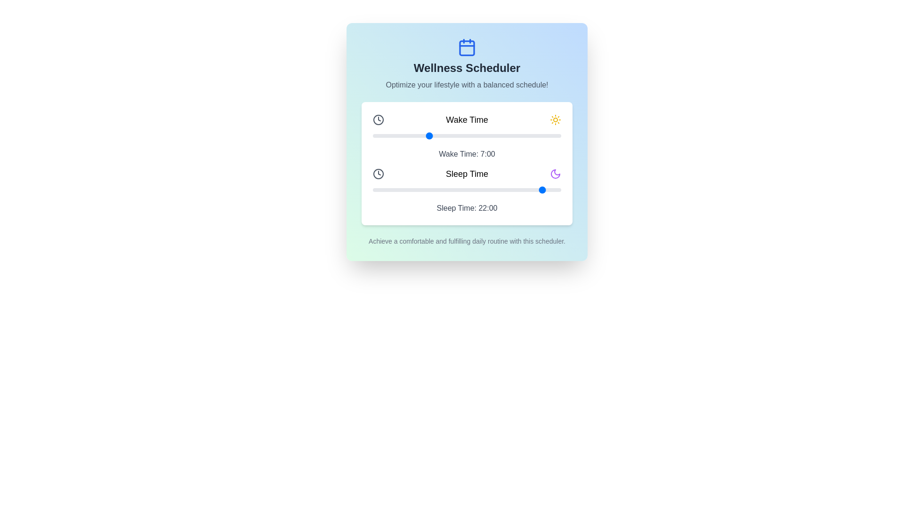 The height and width of the screenshot is (508, 904). What do you see at coordinates (506, 136) in the screenshot?
I see `the wake time` at bounding box center [506, 136].